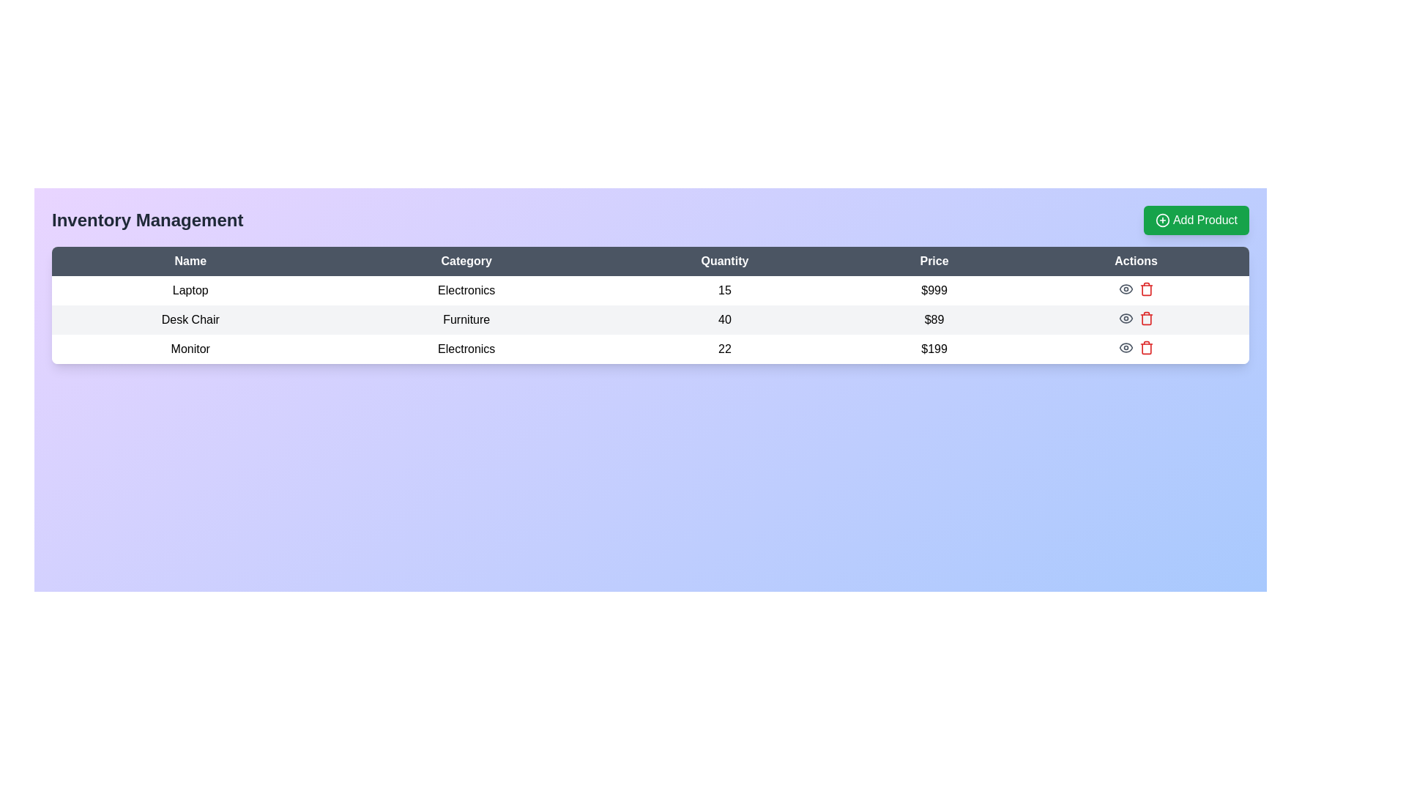 This screenshot has width=1406, height=791. Describe the element at coordinates (466, 349) in the screenshot. I see `the 'Electronics' text label, which is a bold, black font displayed on a light purple background, located in the 'Monitor' row under the 'Category' heading` at that location.